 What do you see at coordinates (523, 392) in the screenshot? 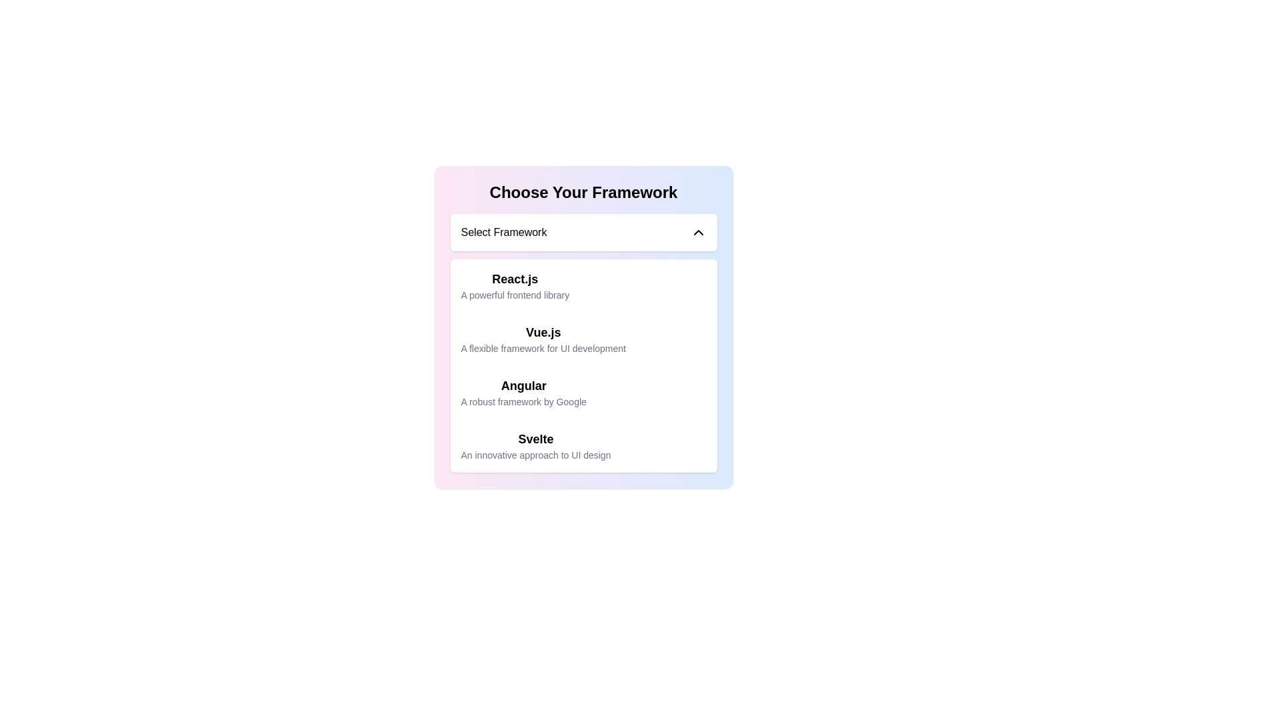
I see `the list item that represents the 'Angular' framework option in the dropdown selection list` at bounding box center [523, 392].